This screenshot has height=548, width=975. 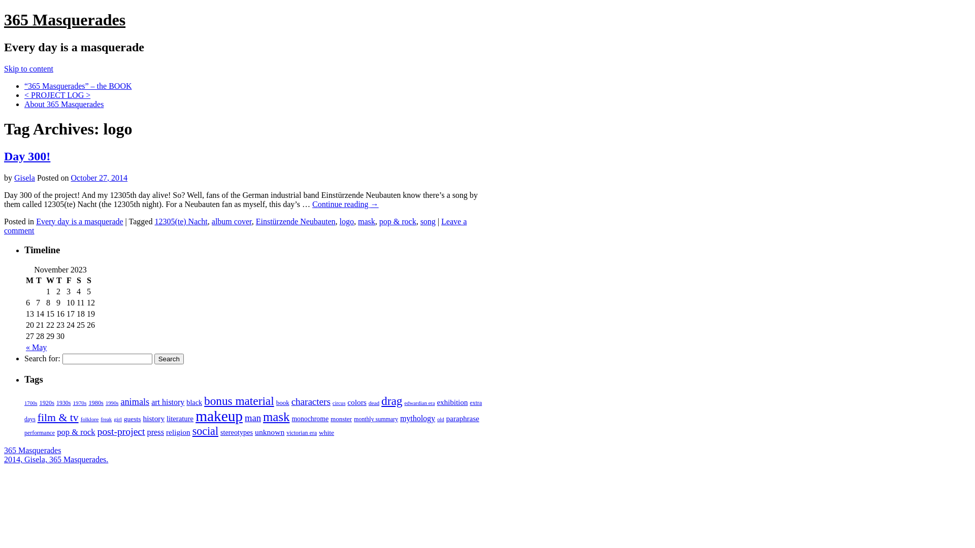 I want to click on 'monster', so click(x=341, y=419).